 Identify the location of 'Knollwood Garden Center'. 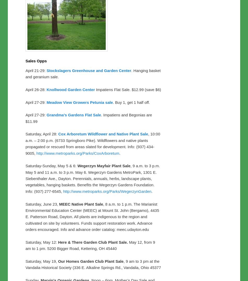
(70, 89).